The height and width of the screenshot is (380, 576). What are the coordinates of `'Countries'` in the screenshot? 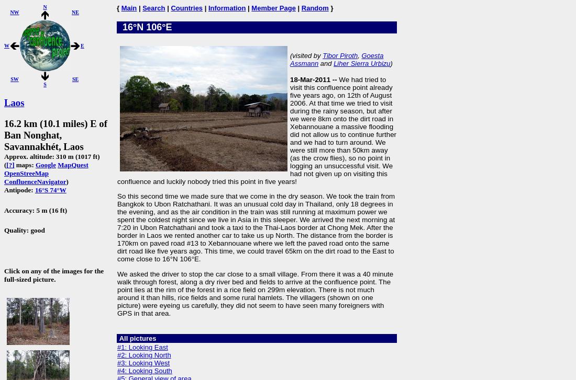 It's located at (170, 8).